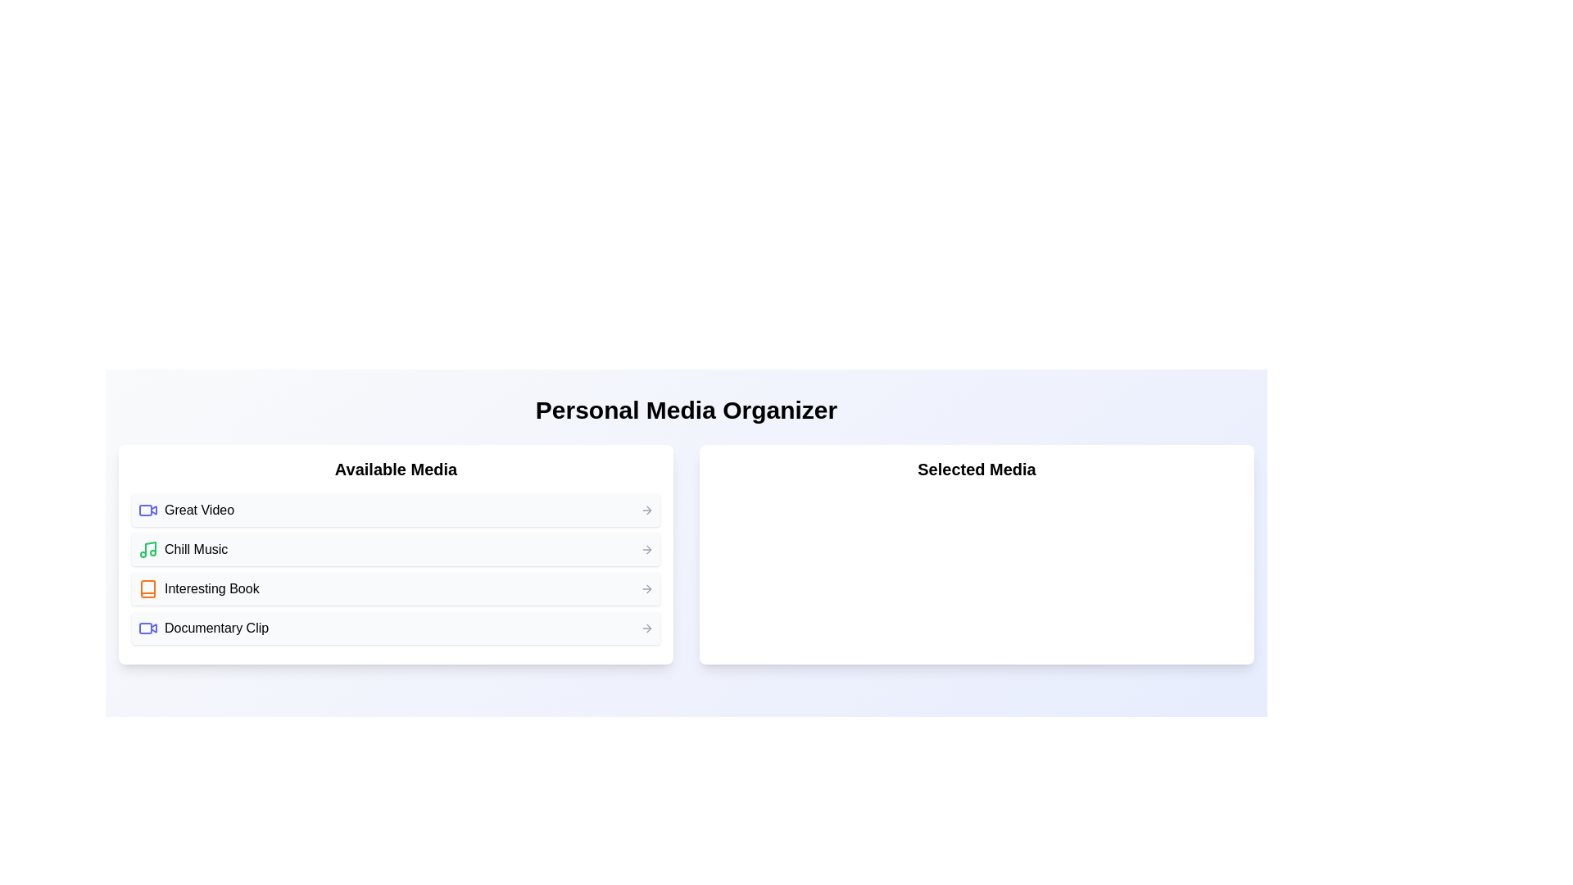 This screenshot has width=1573, height=885. What do you see at coordinates (646, 510) in the screenshot?
I see `the arrow icon located at the rightmost part of the row titled 'Great Video' in the 'Available Media' list` at bounding box center [646, 510].